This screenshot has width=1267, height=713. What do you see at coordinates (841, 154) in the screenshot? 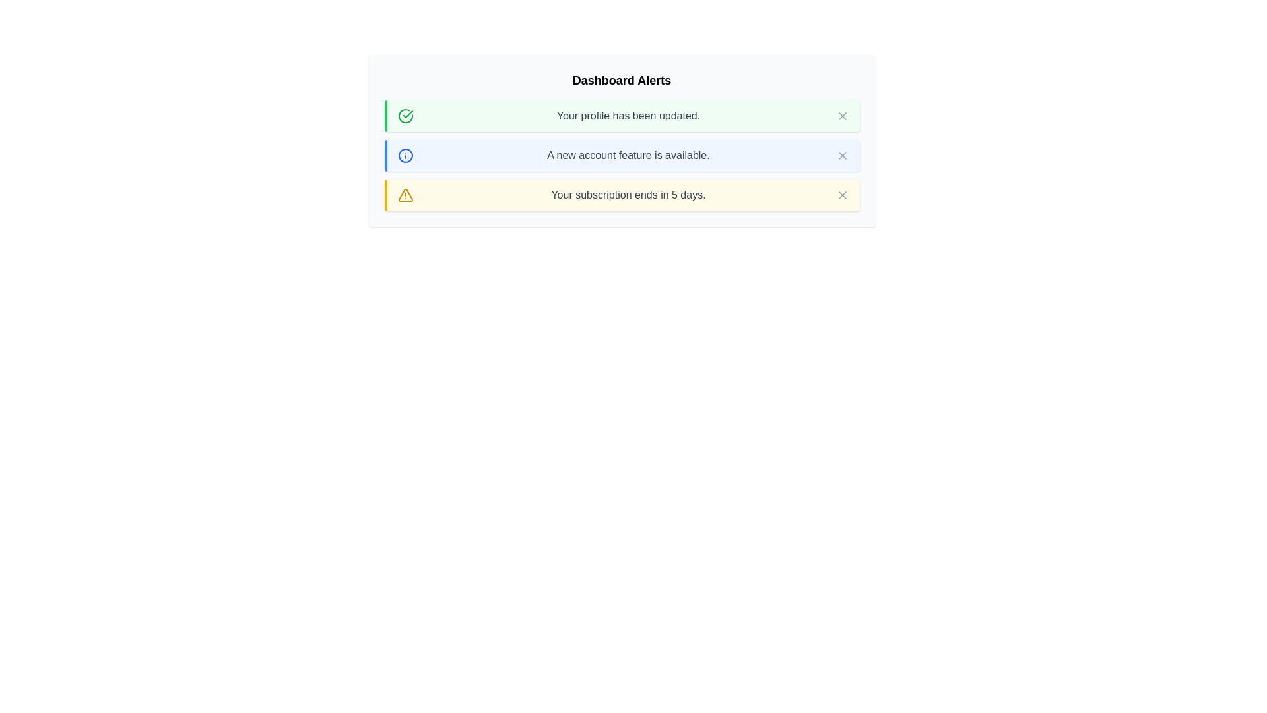
I see `the dismiss icon located on the far right of the second notification panel with a light blue background stating 'A new account feature is available'` at bounding box center [841, 154].